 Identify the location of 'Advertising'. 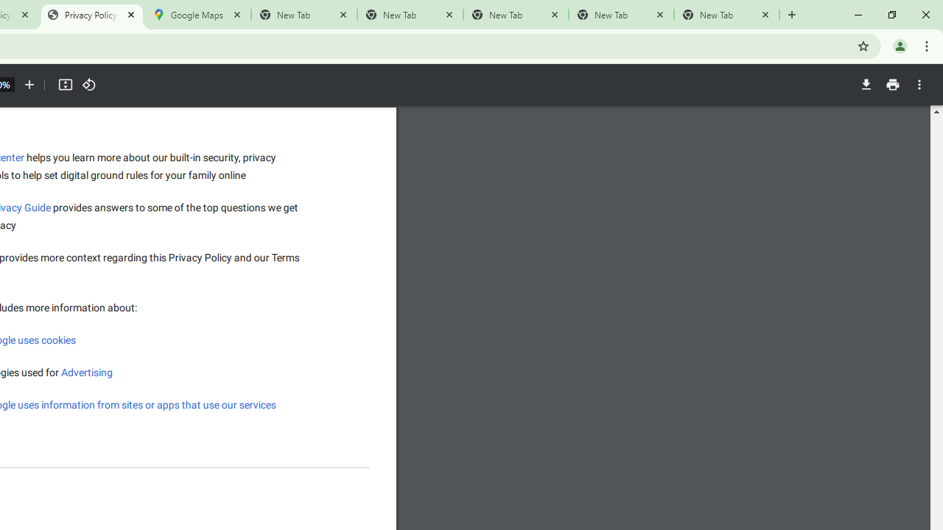
(86, 372).